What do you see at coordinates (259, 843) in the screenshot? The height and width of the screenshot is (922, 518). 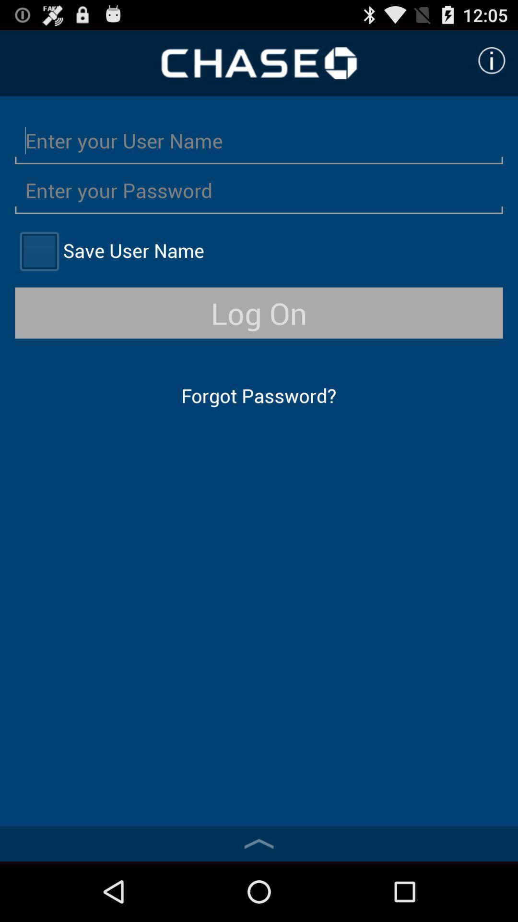 I see `retract page` at bounding box center [259, 843].